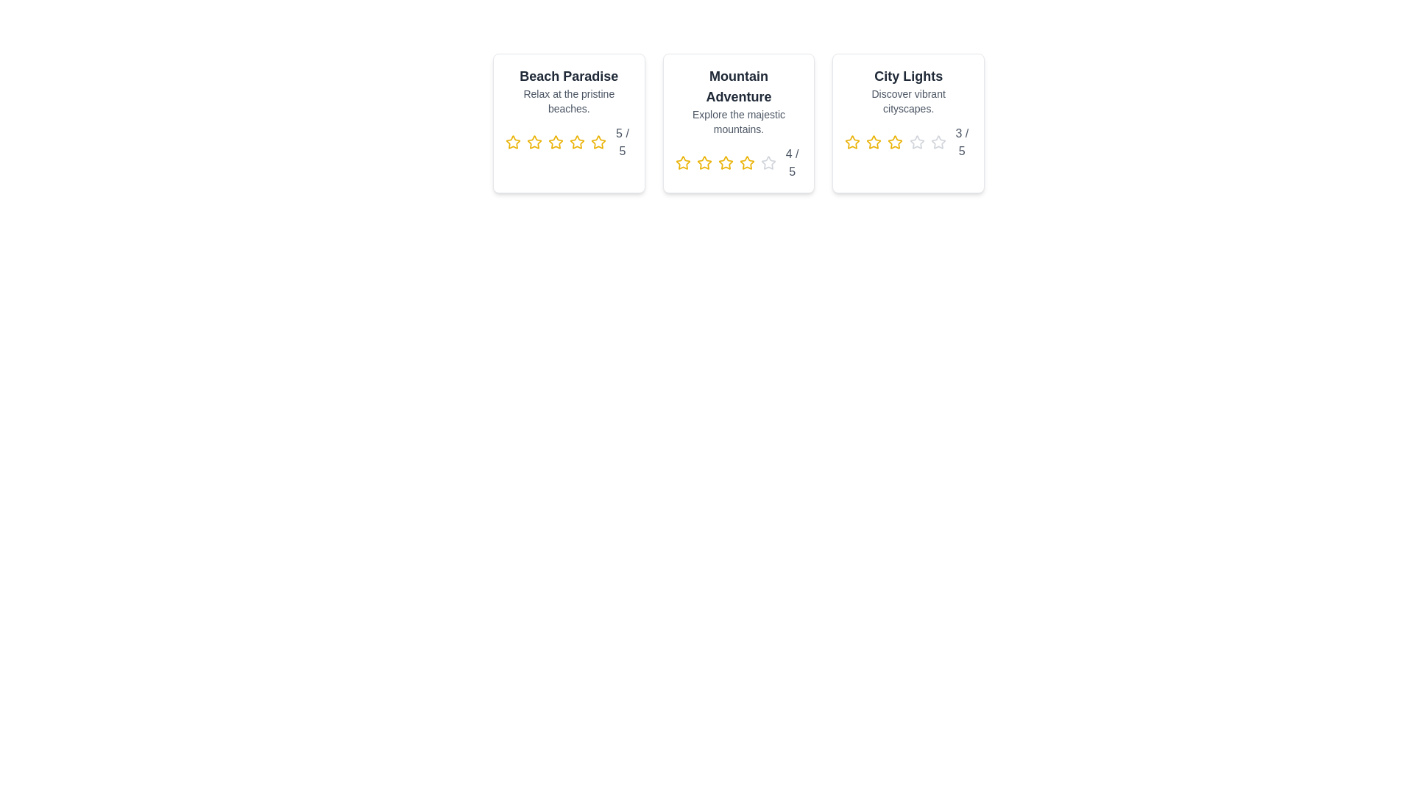  I want to click on the rating for a destination to 5 stars by clicking on the corresponding star icon, so click(598, 142).